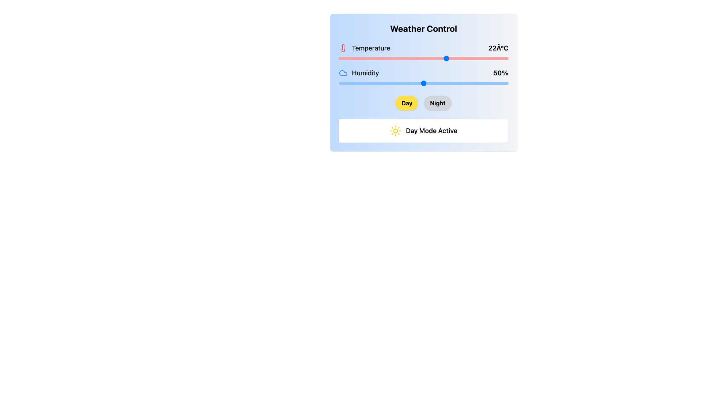 The image size is (702, 395). Describe the element at coordinates (447, 58) in the screenshot. I see `the temperature` at that location.